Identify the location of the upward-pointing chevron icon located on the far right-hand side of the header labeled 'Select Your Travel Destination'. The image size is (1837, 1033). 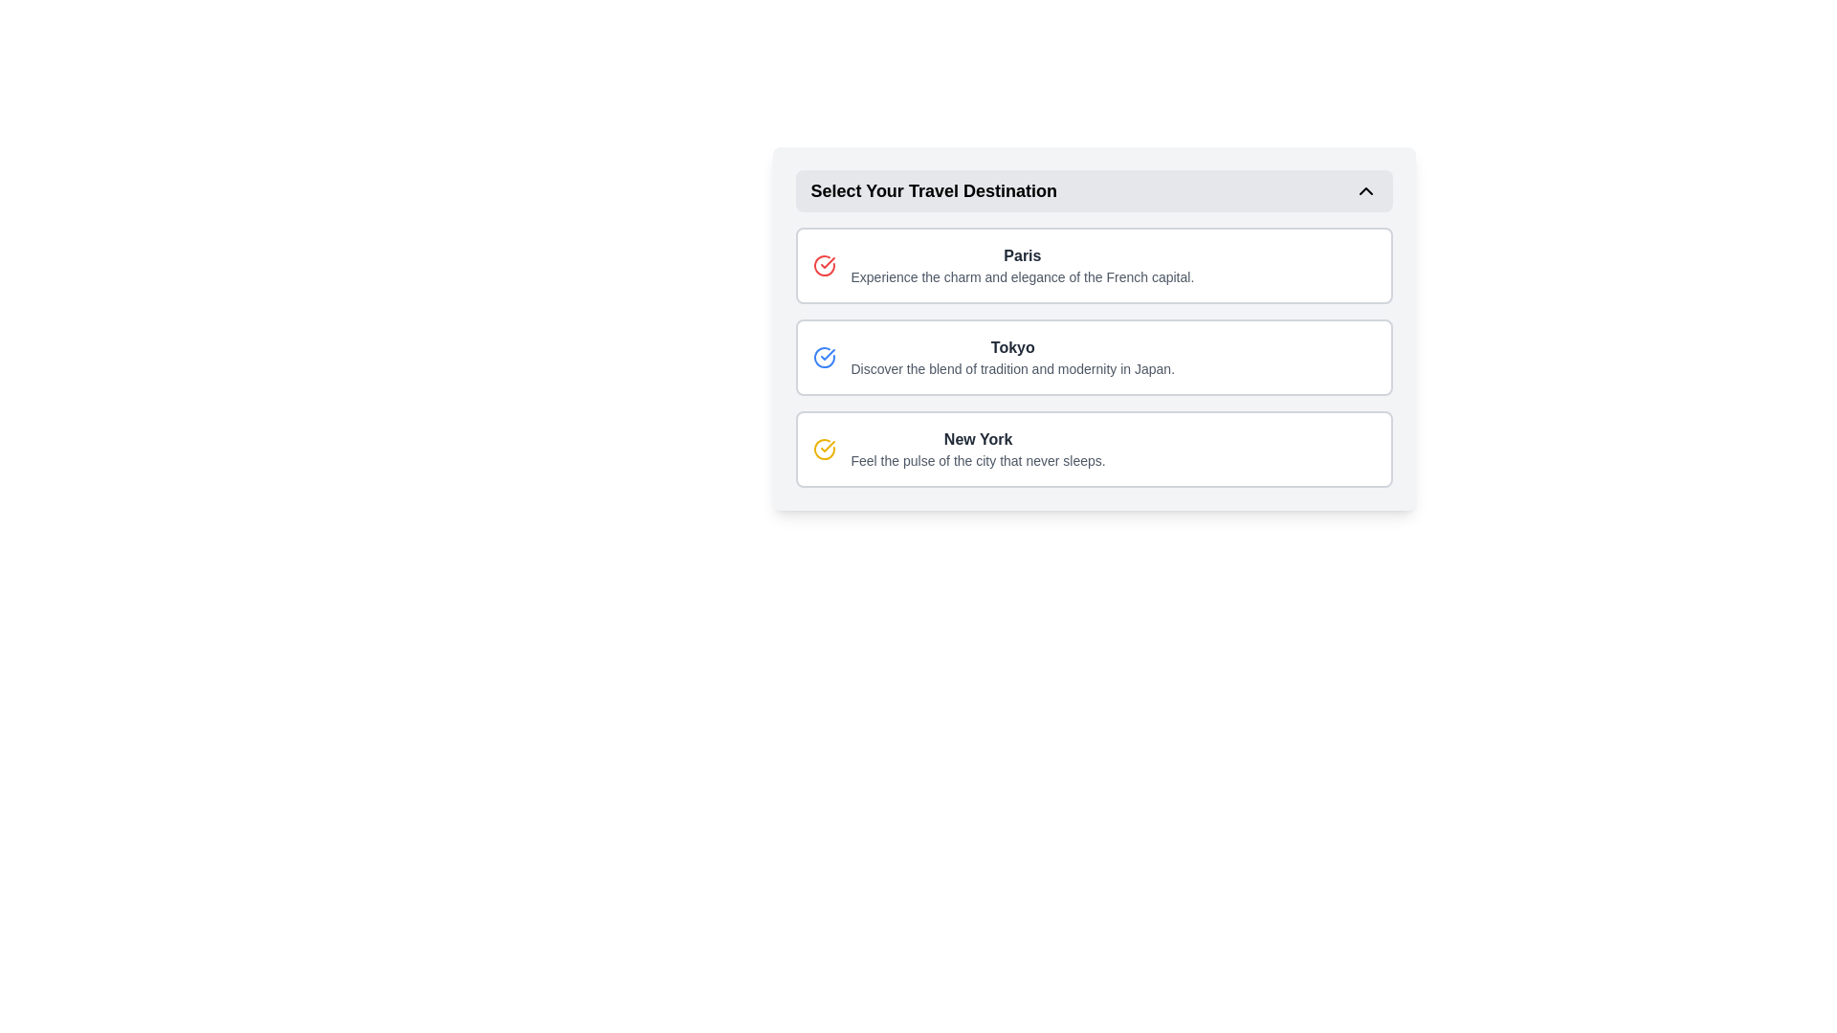
(1364, 191).